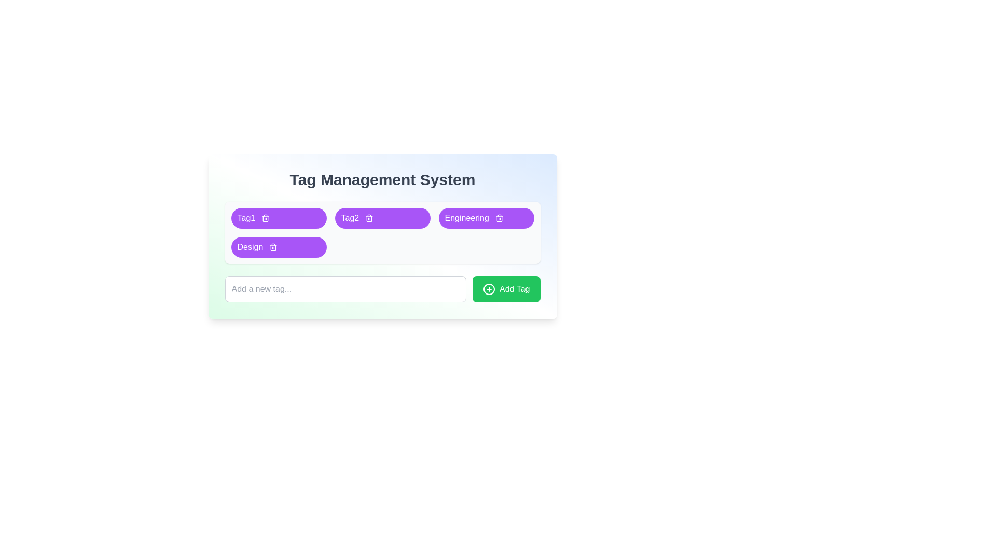  What do you see at coordinates (489, 289) in the screenshot?
I see `the circular icon located on the left side of the 'Add Tag' button in the bottom-right corner of the interface` at bounding box center [489, 289].